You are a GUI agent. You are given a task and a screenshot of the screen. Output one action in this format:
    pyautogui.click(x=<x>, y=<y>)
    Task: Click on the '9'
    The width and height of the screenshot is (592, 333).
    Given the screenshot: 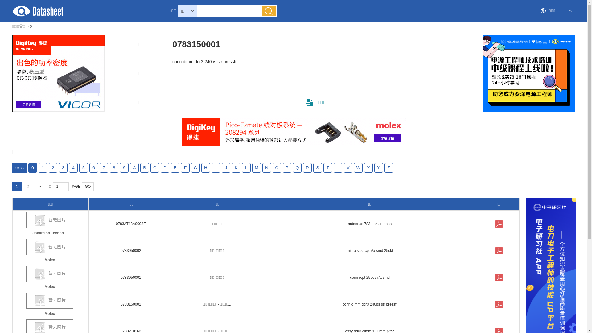 What is the action you would take?
    pyautogui.click(x=124, y=168)
    